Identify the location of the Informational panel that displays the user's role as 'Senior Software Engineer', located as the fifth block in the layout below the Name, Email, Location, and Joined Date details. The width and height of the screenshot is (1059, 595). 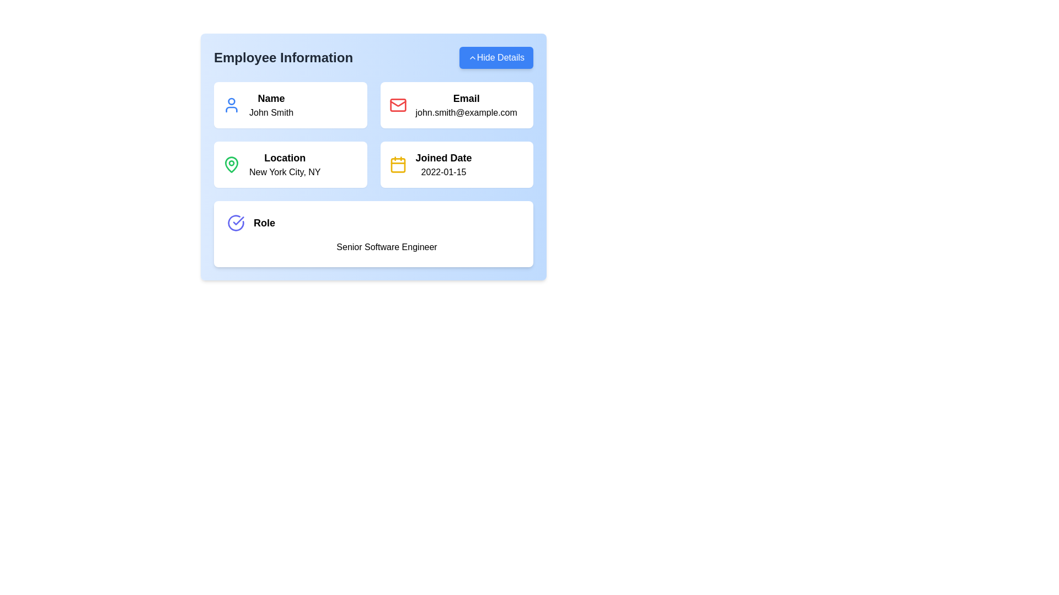
(373, 233).